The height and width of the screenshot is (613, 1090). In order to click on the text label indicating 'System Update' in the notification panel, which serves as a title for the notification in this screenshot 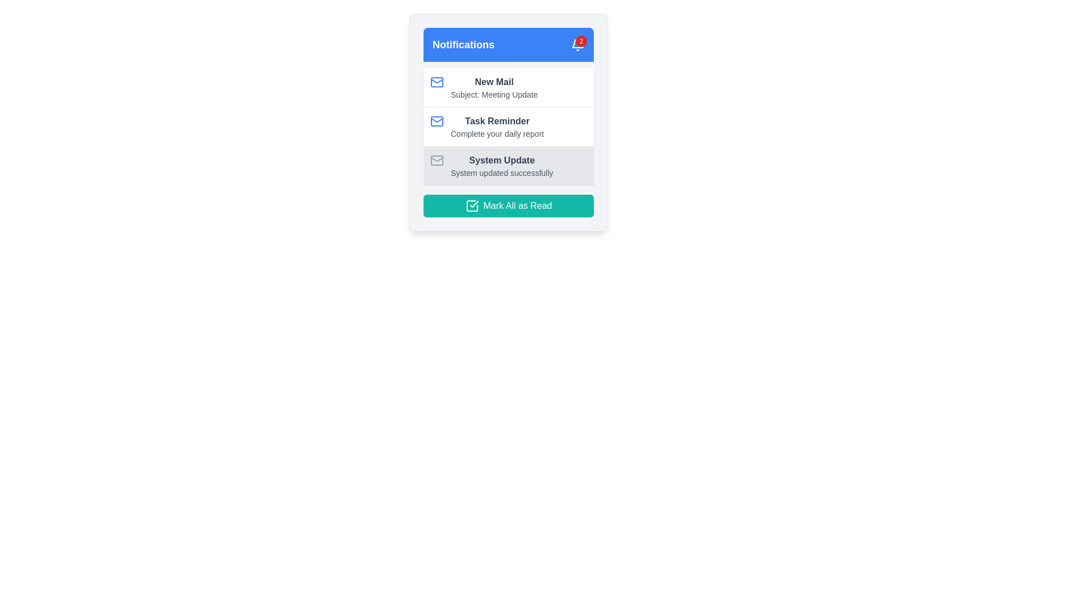, I will do `click(501, 160)`.